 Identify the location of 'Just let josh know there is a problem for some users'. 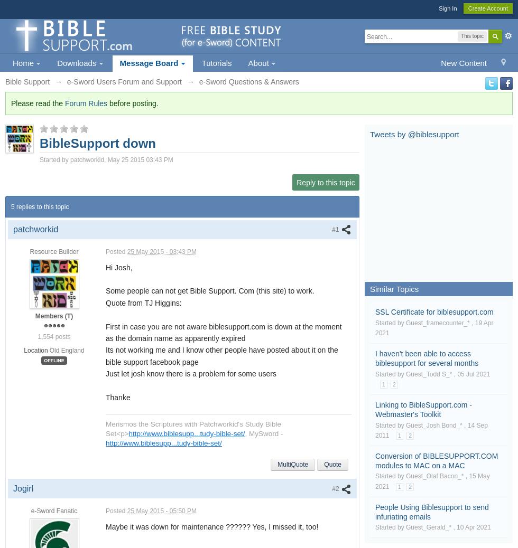
(191, 373).